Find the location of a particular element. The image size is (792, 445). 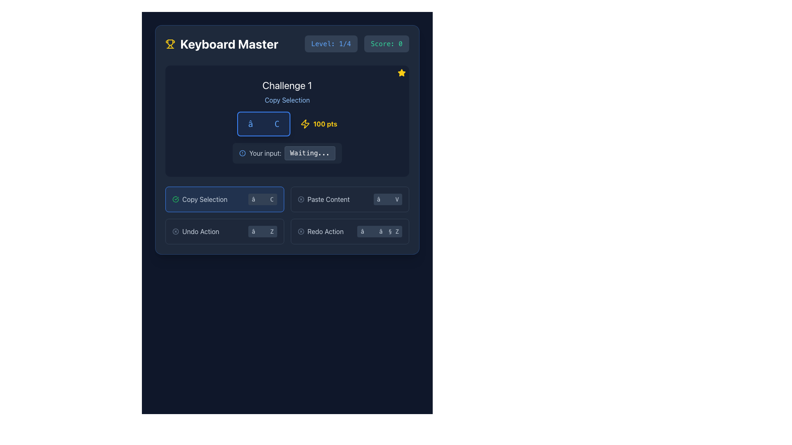

the keyboard shortcut indicator labeled '⌘ C' located under the 'Challenge 1' heading, above the function buttons for 'Copy Selection', 'Paste Content', 'Undo Action', and 'Redo Action' is located at coordinates (263, 124).